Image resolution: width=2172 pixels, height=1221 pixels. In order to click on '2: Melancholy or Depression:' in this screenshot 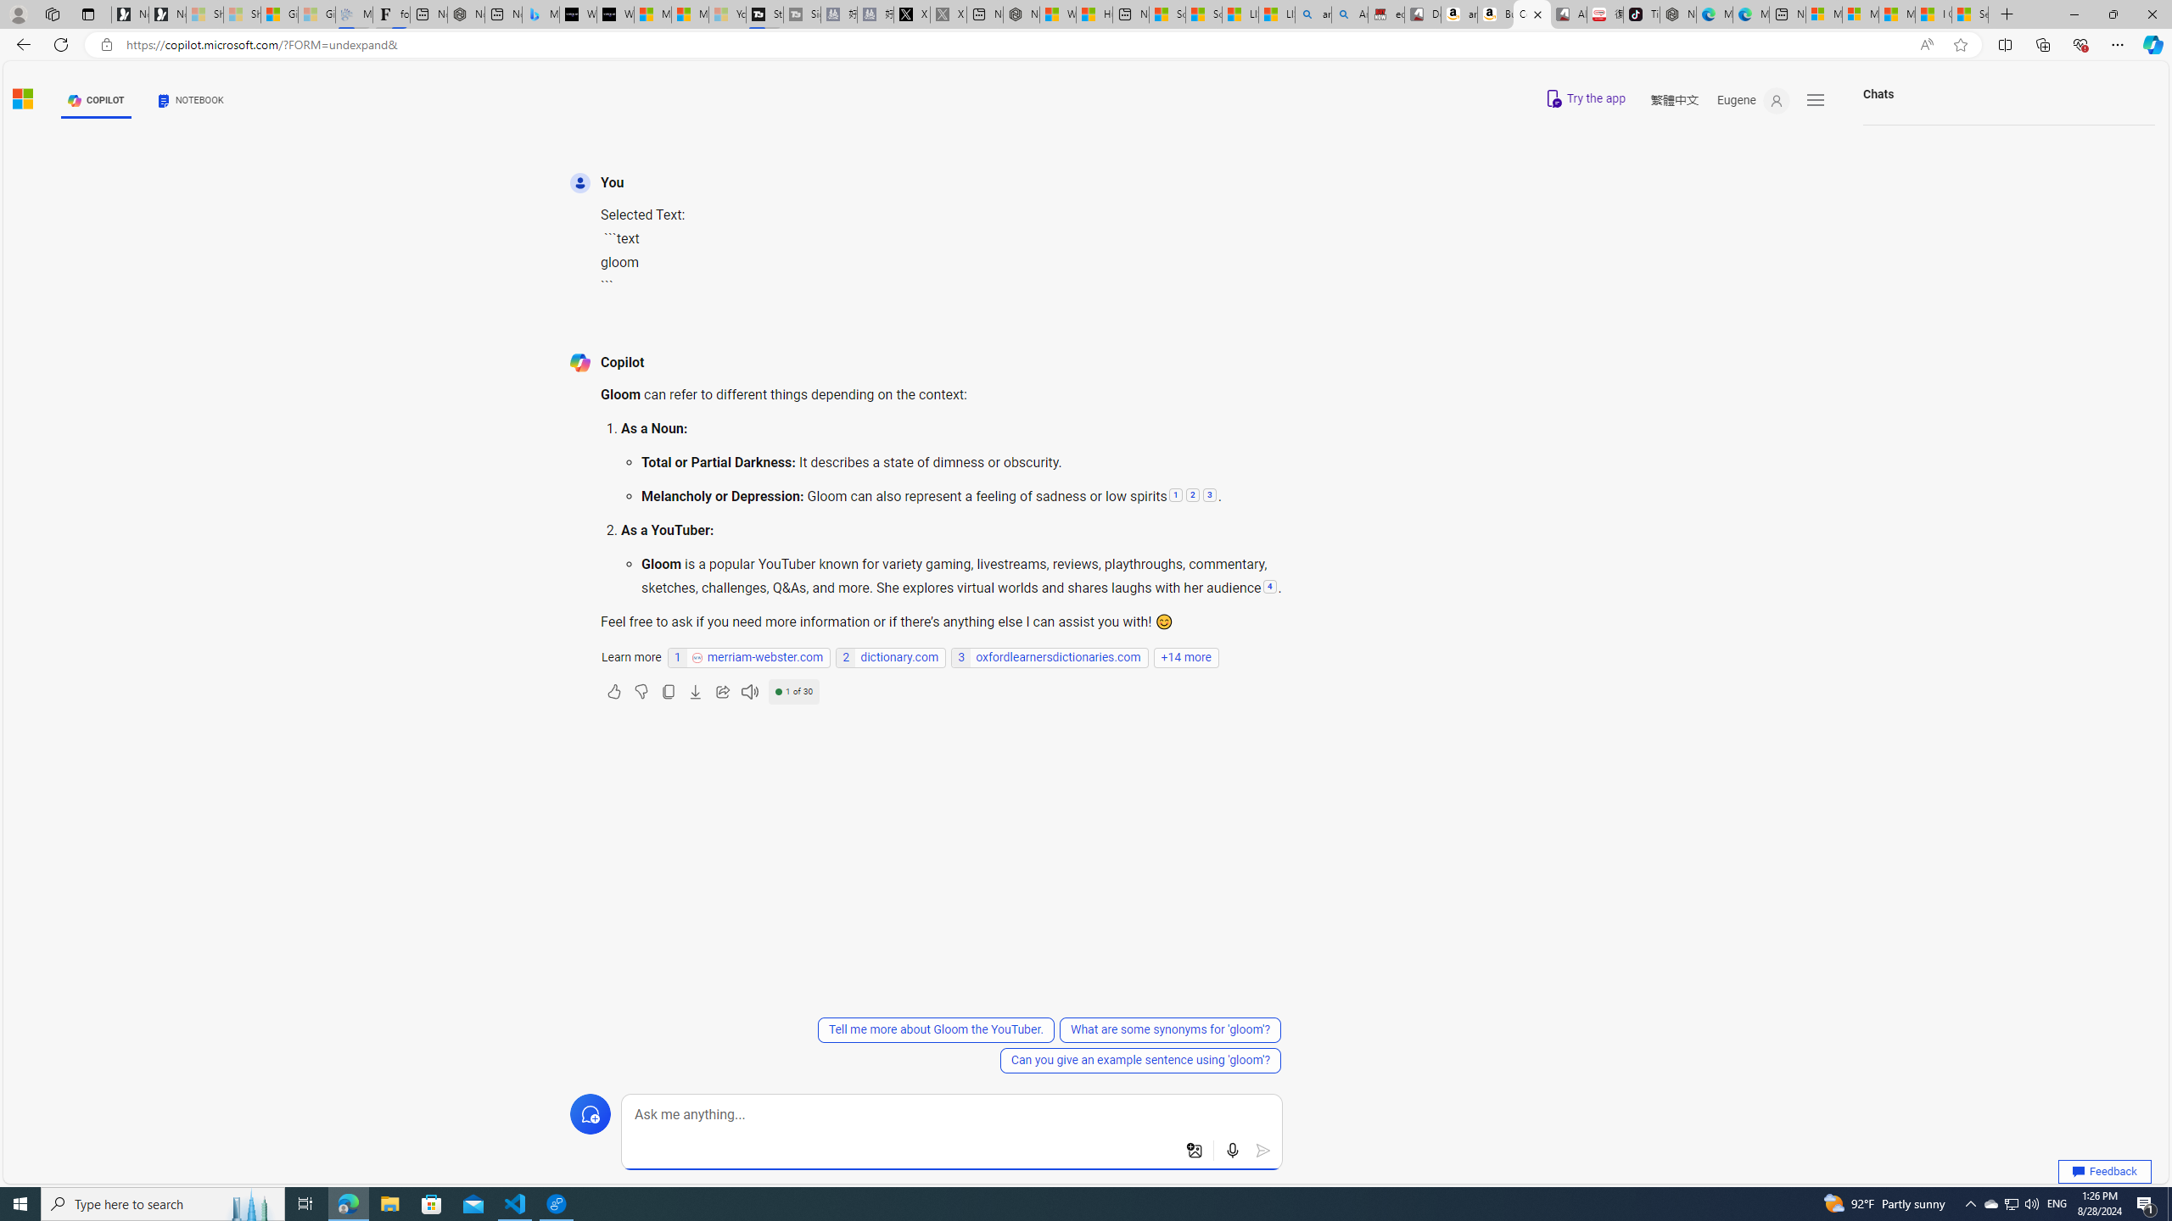, I will do `click(1192, 496)`.